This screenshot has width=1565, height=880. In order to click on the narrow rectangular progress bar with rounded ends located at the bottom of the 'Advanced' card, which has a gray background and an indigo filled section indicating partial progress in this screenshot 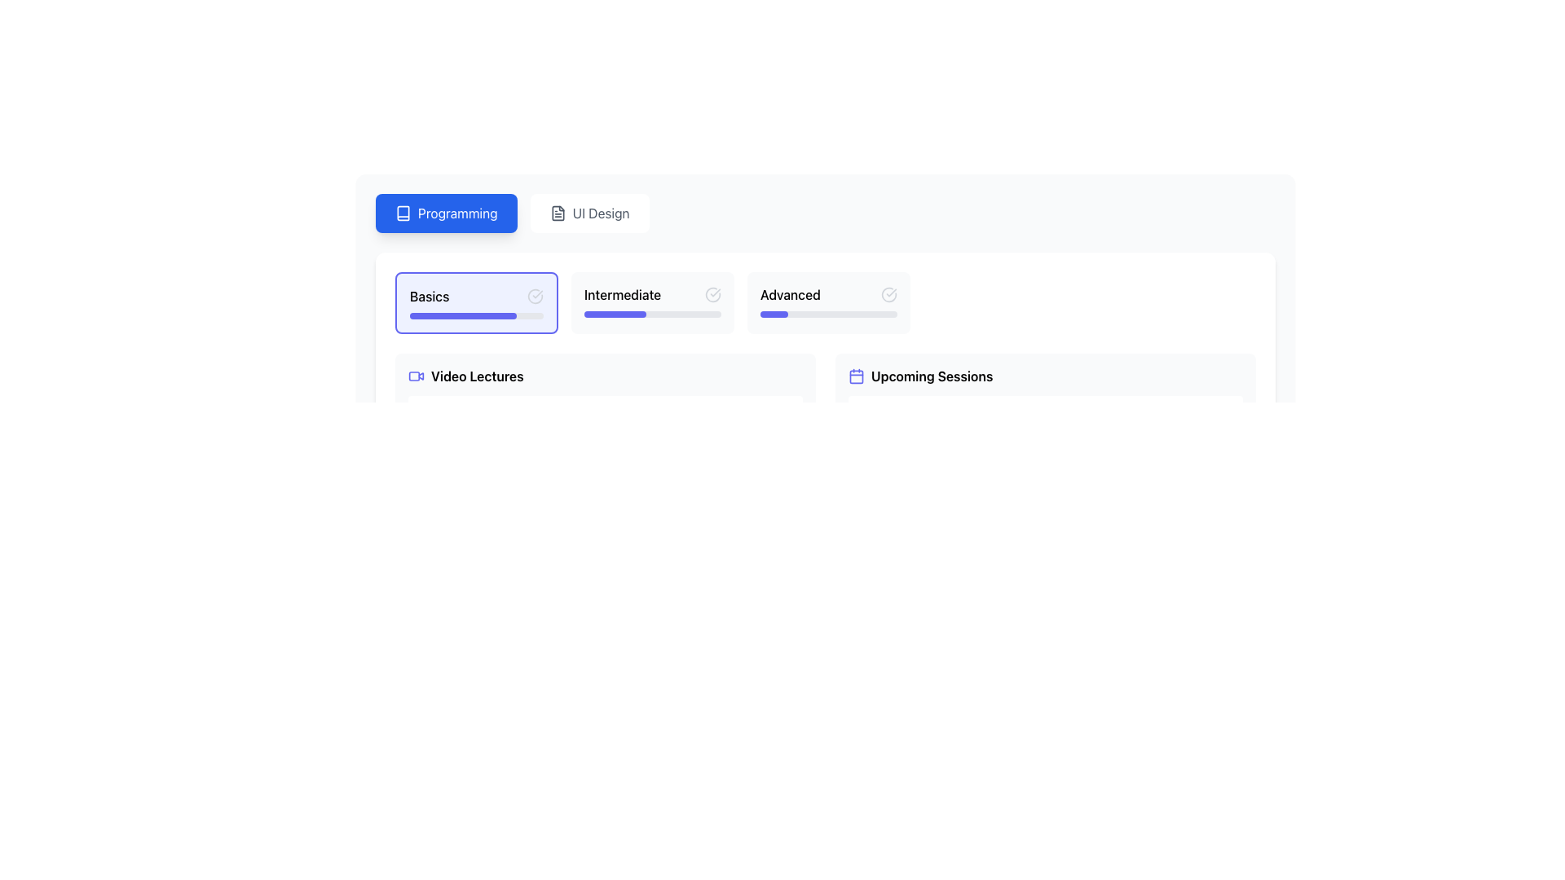, I will do `click(829, 314)`.